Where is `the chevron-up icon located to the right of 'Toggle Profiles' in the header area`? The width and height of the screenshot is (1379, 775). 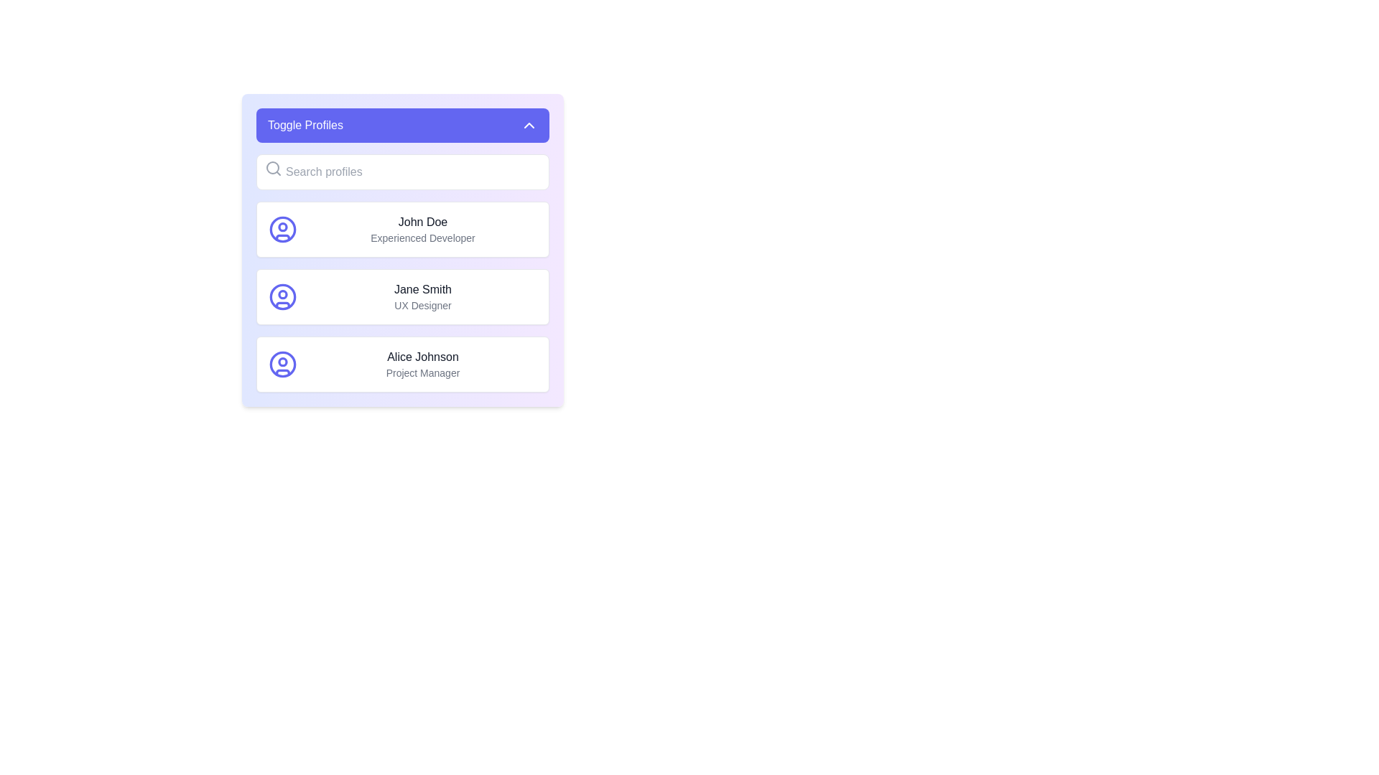
the chevron-up icon located to the right of 'Toggle Profiles' in the header area is located at coordinates (529, 124).